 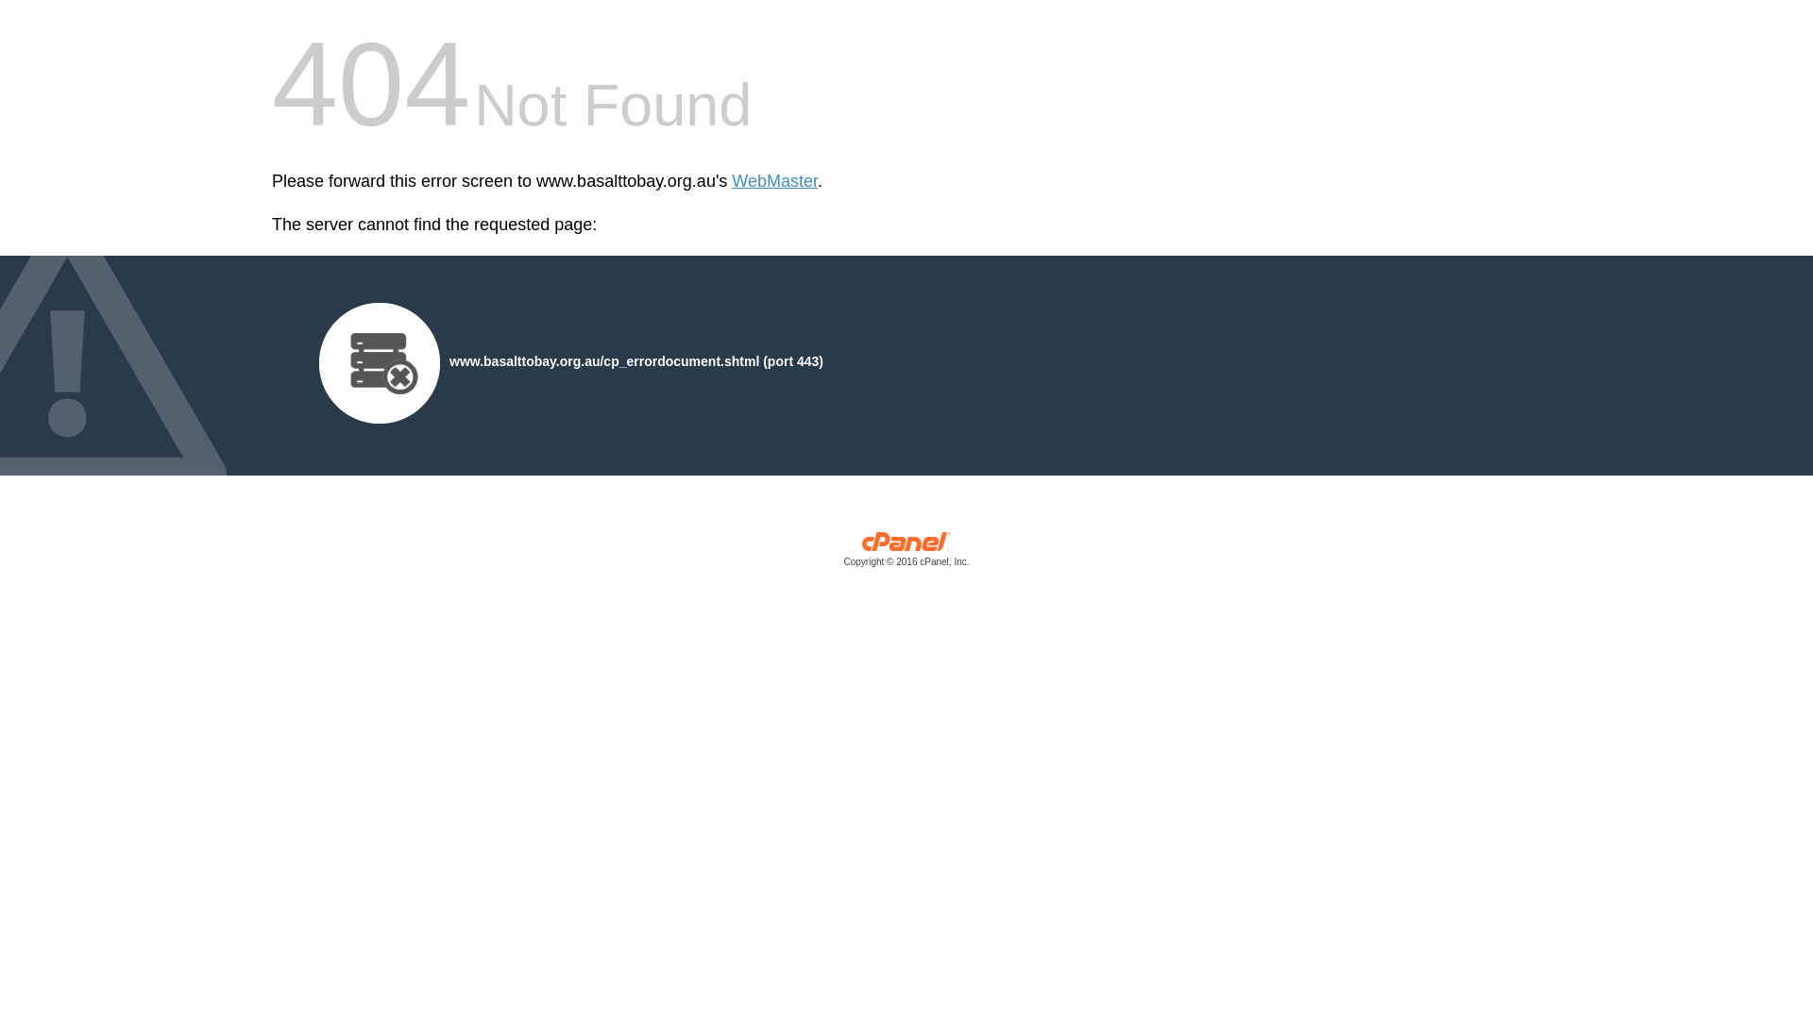 What do you see at coordinates (774, 181) in the screenshot?
I see `'WebMaster'` at bounding box center [774, 181].